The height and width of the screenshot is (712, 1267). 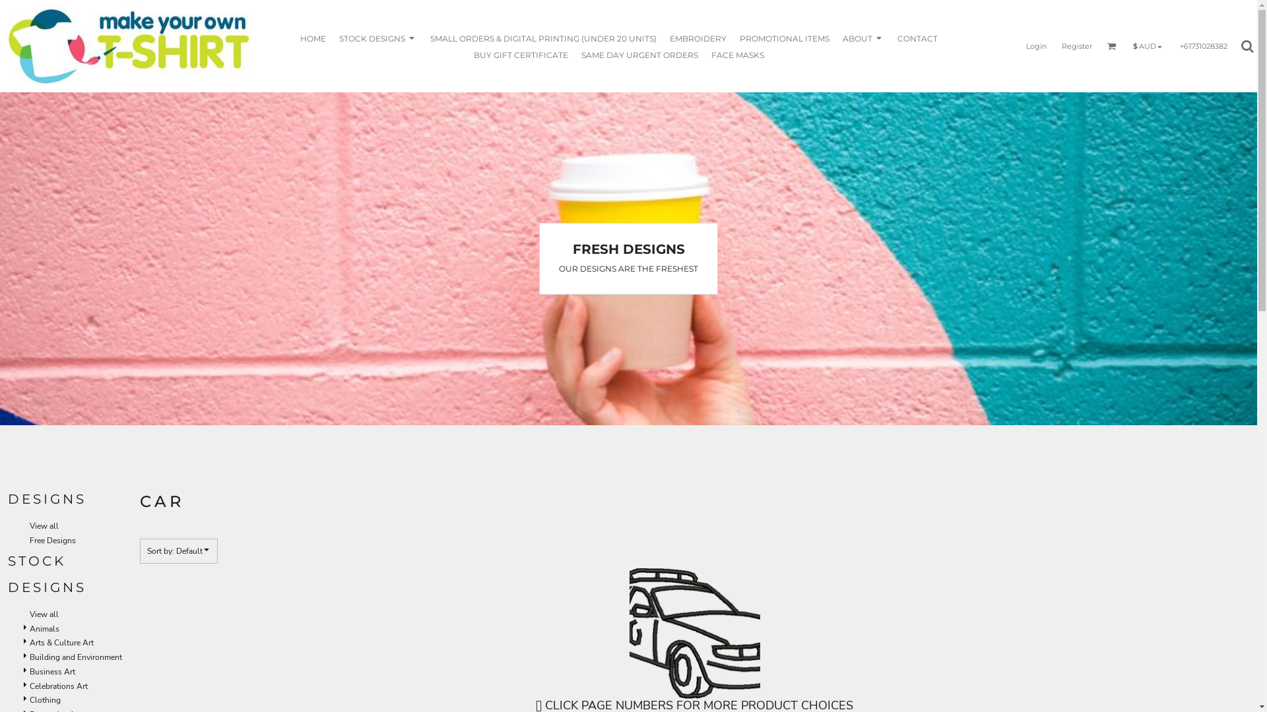 What do you see at coordinates (737, 53) in the screenshot?
I see `'FACE MASKS'` at bounding box center [737, 53].